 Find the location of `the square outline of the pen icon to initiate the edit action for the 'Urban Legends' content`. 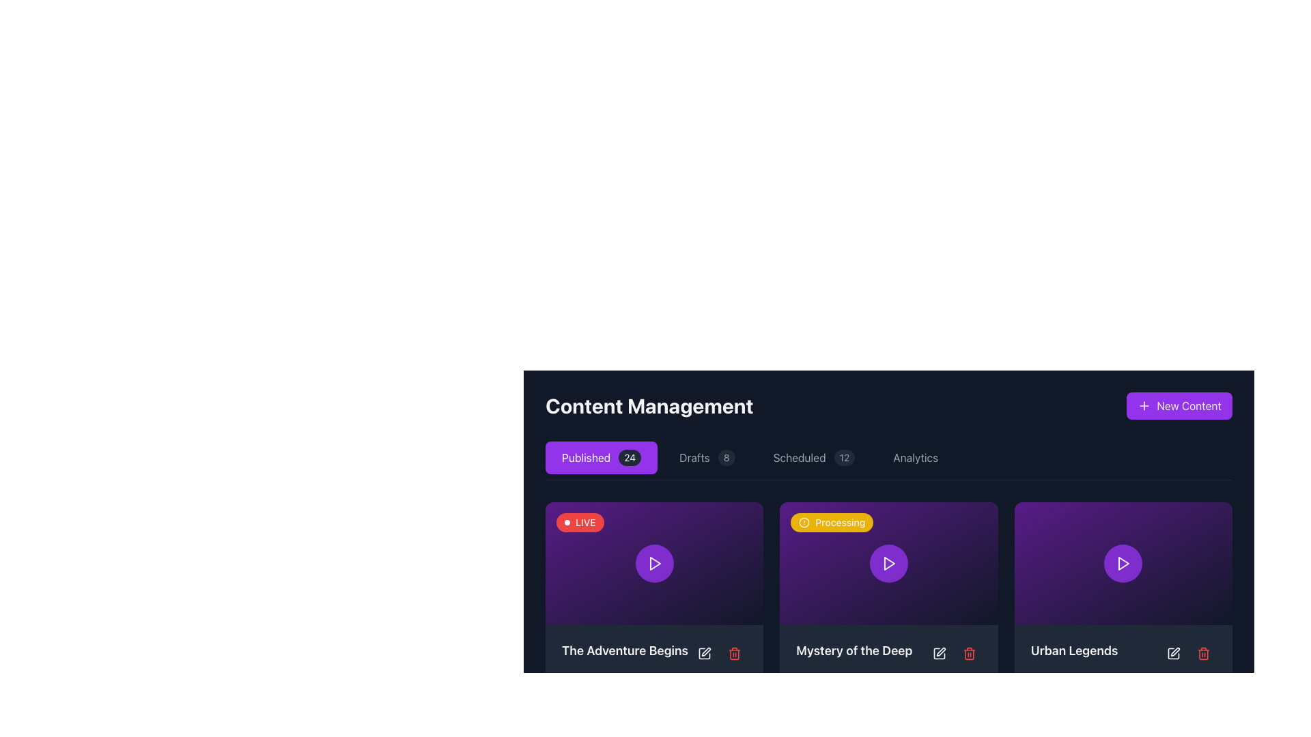

the square outline of the pen icon to initiate the edit action for the 'Urban Legends' content is located at coordinates (1172, 652).